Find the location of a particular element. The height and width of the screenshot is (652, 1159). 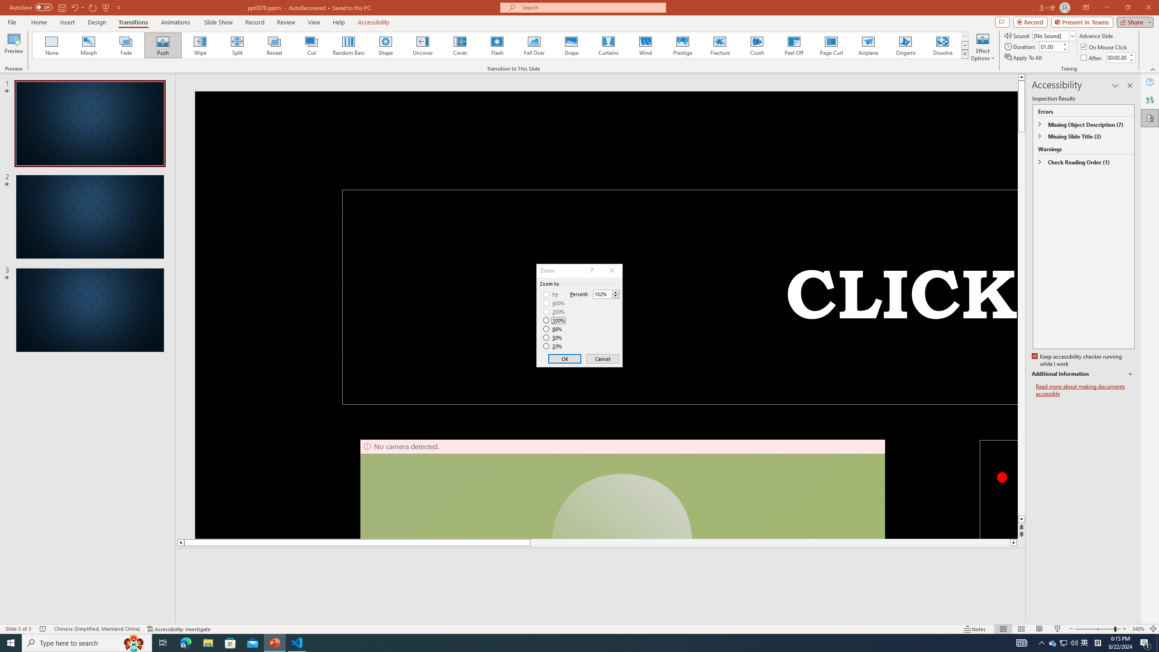

'Context help' is located at coordinates (590, 270).